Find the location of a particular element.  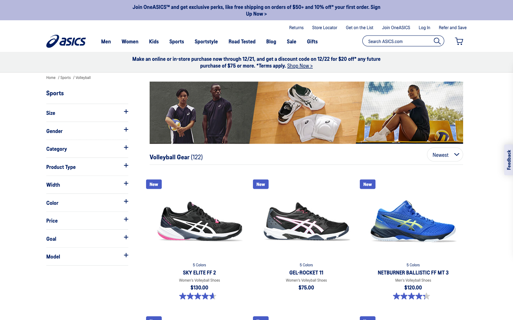

See the women"s models is located at coordinates (87, 130).